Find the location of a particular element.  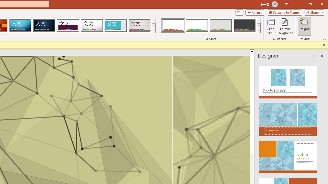

'Variants' is located at coordinates (259, 31).